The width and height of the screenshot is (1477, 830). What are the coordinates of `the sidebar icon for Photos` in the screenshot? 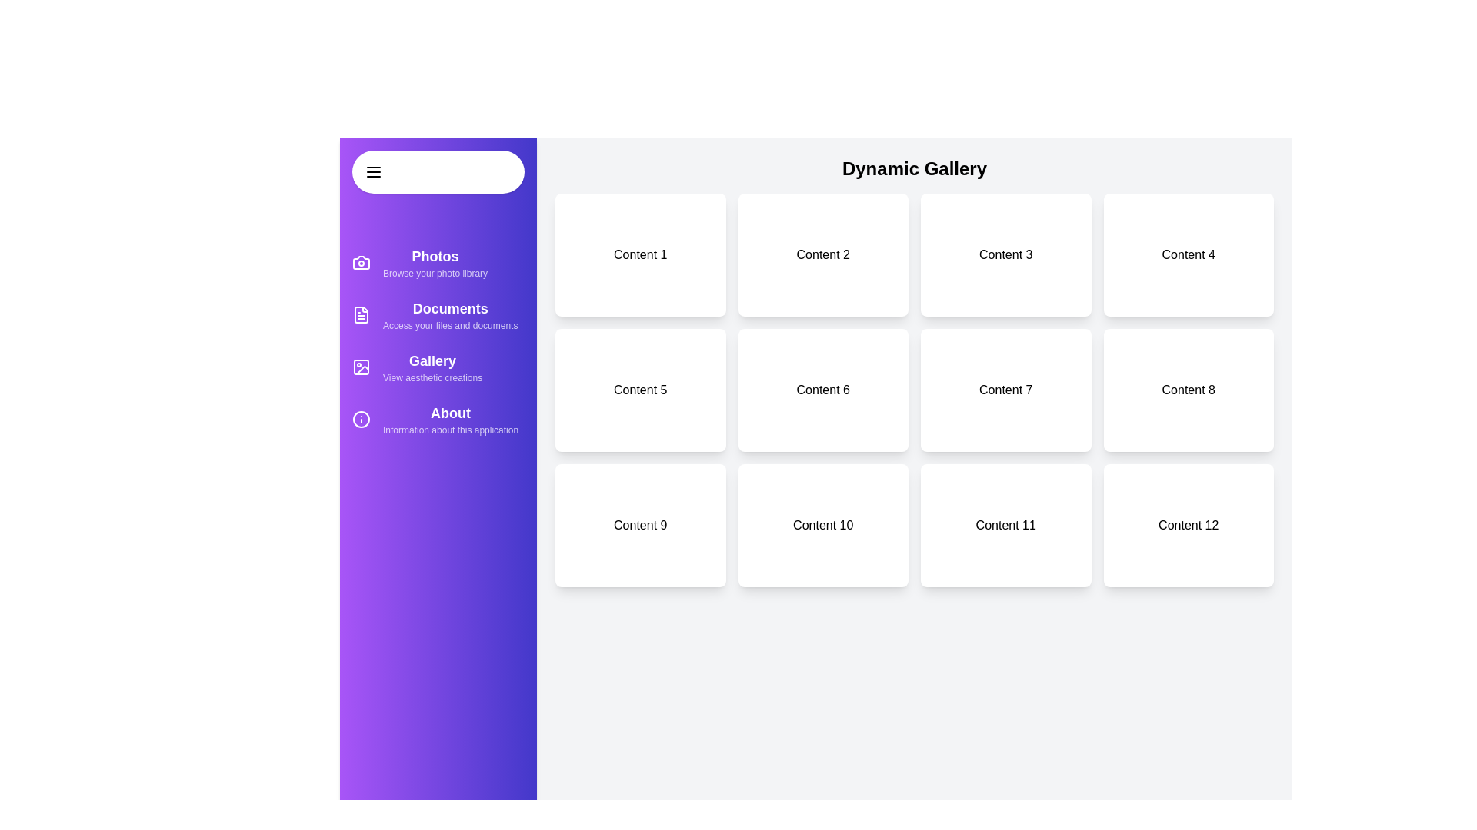 It's located at (361, 262).